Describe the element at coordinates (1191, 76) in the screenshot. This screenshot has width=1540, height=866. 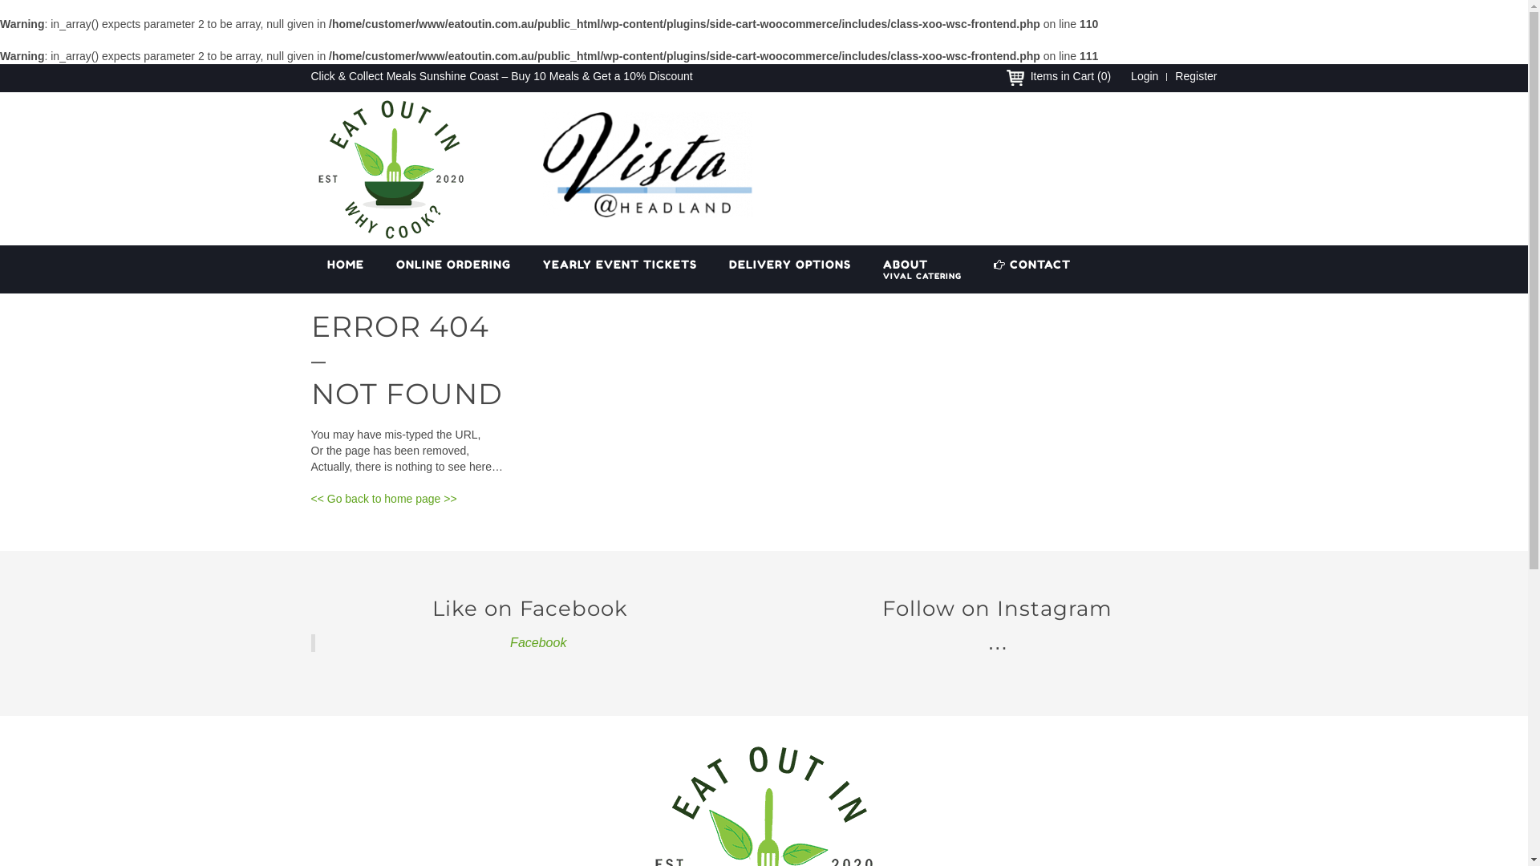
I see `'Register'` at that location.